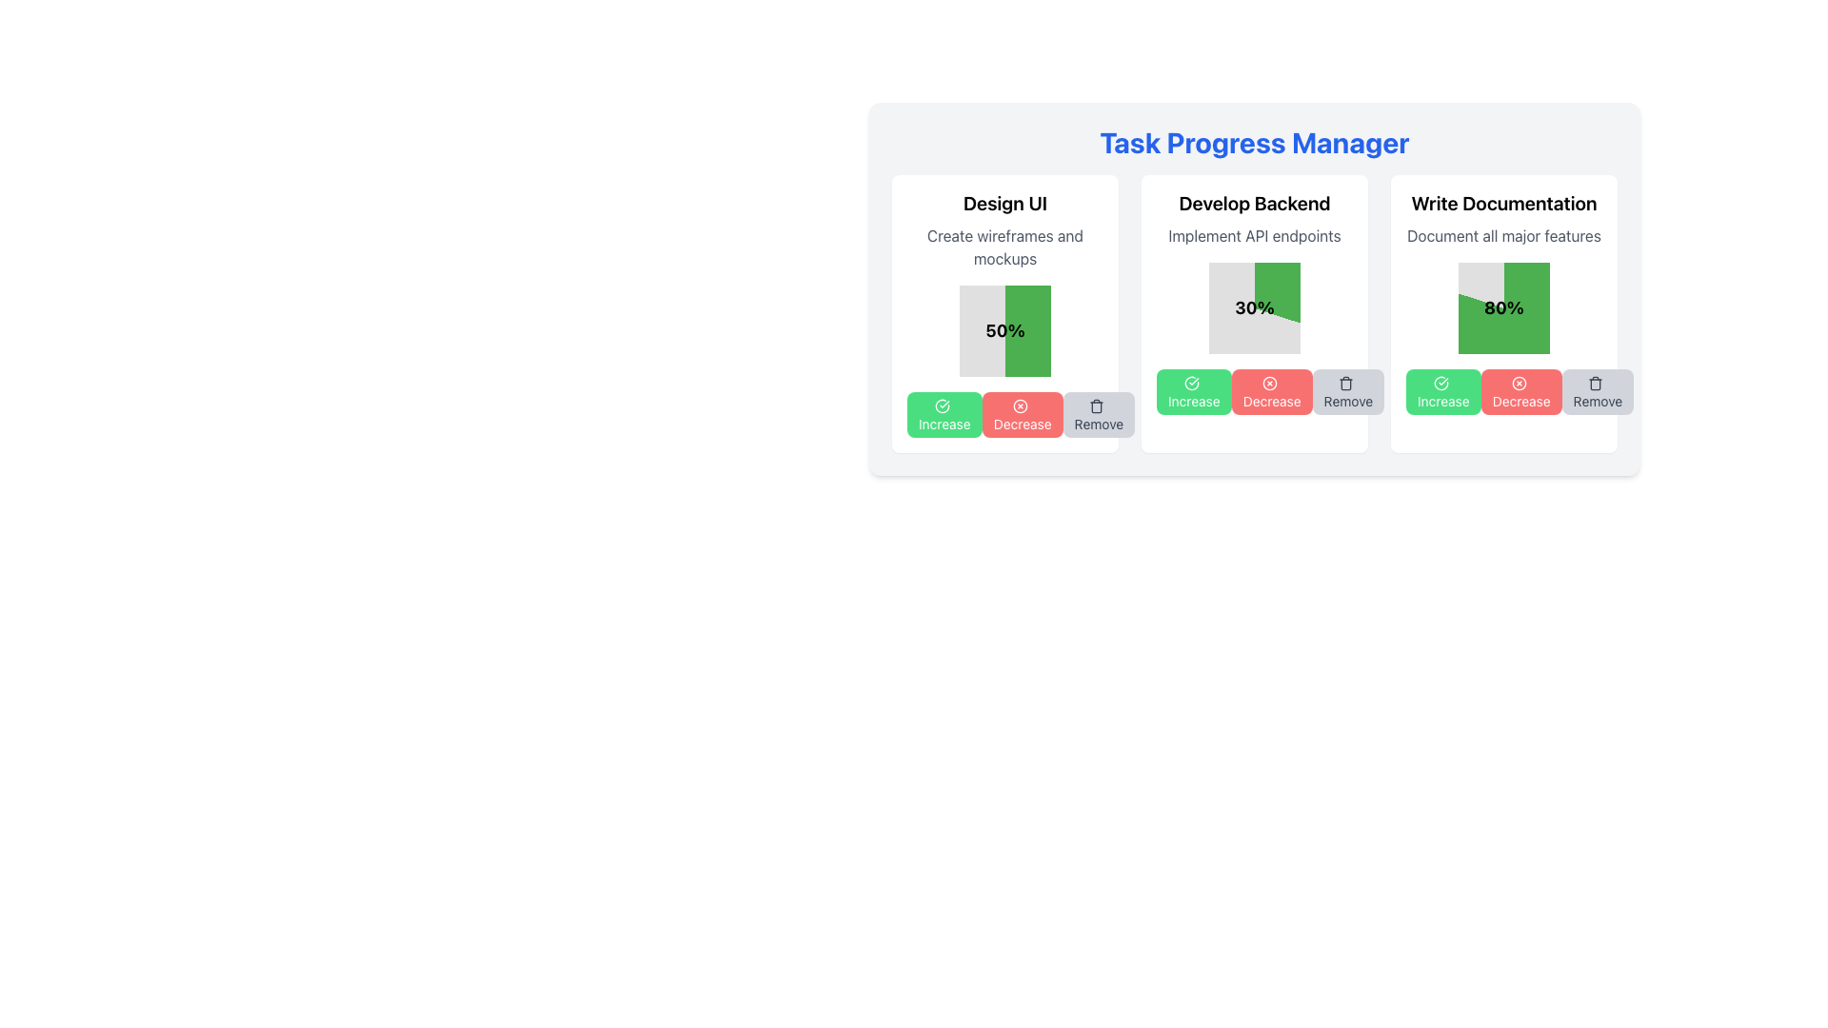 This screenshot has height=1028, width=1828. Describe the element at coordinates (1255, 234) in the screenshot. I see `the static text element that provides a description for the task 'Develop Backend', located within the task card, positioned below the title and above a circular progress indicator` at that location.